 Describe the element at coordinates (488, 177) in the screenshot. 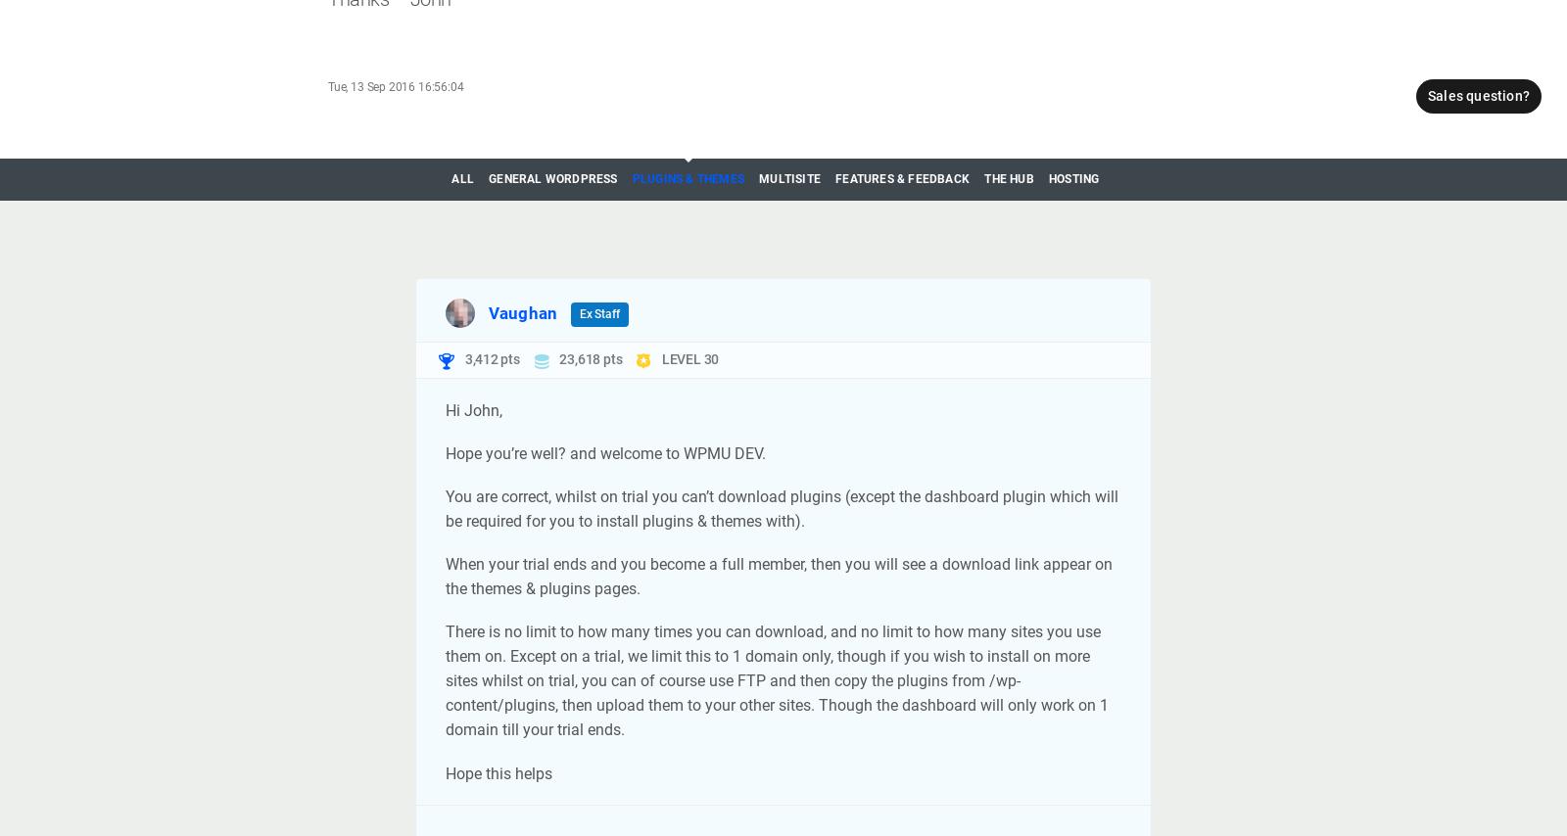

I see `'General WordPress'` at that location.